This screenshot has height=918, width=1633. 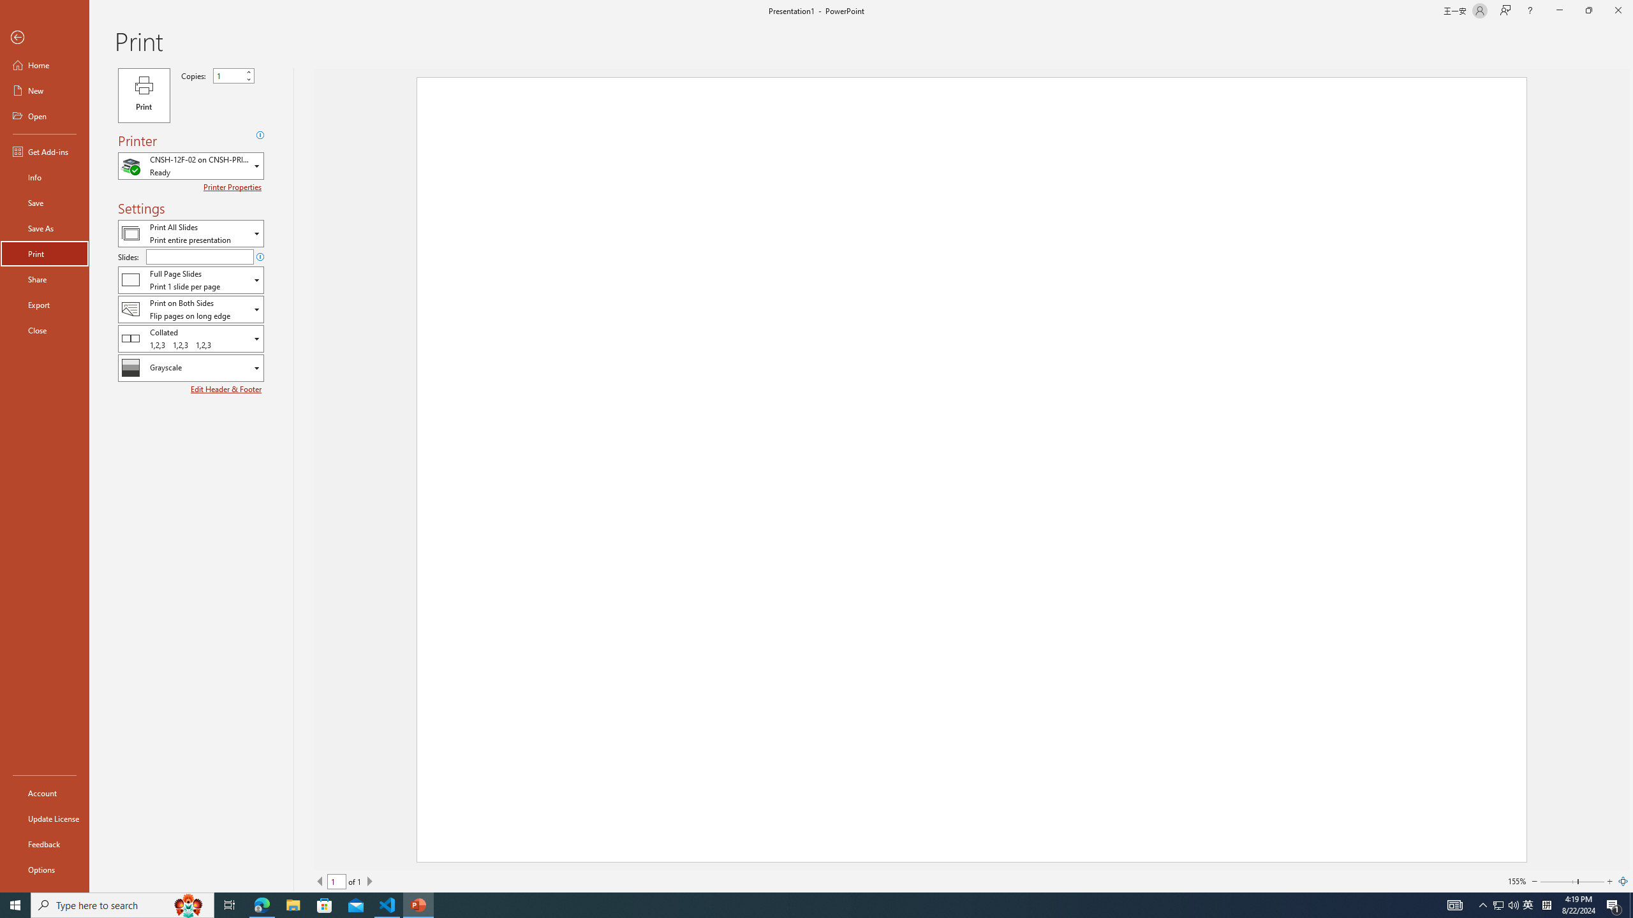 I want to click on 'Which Printer', so click(x=190, y=166).